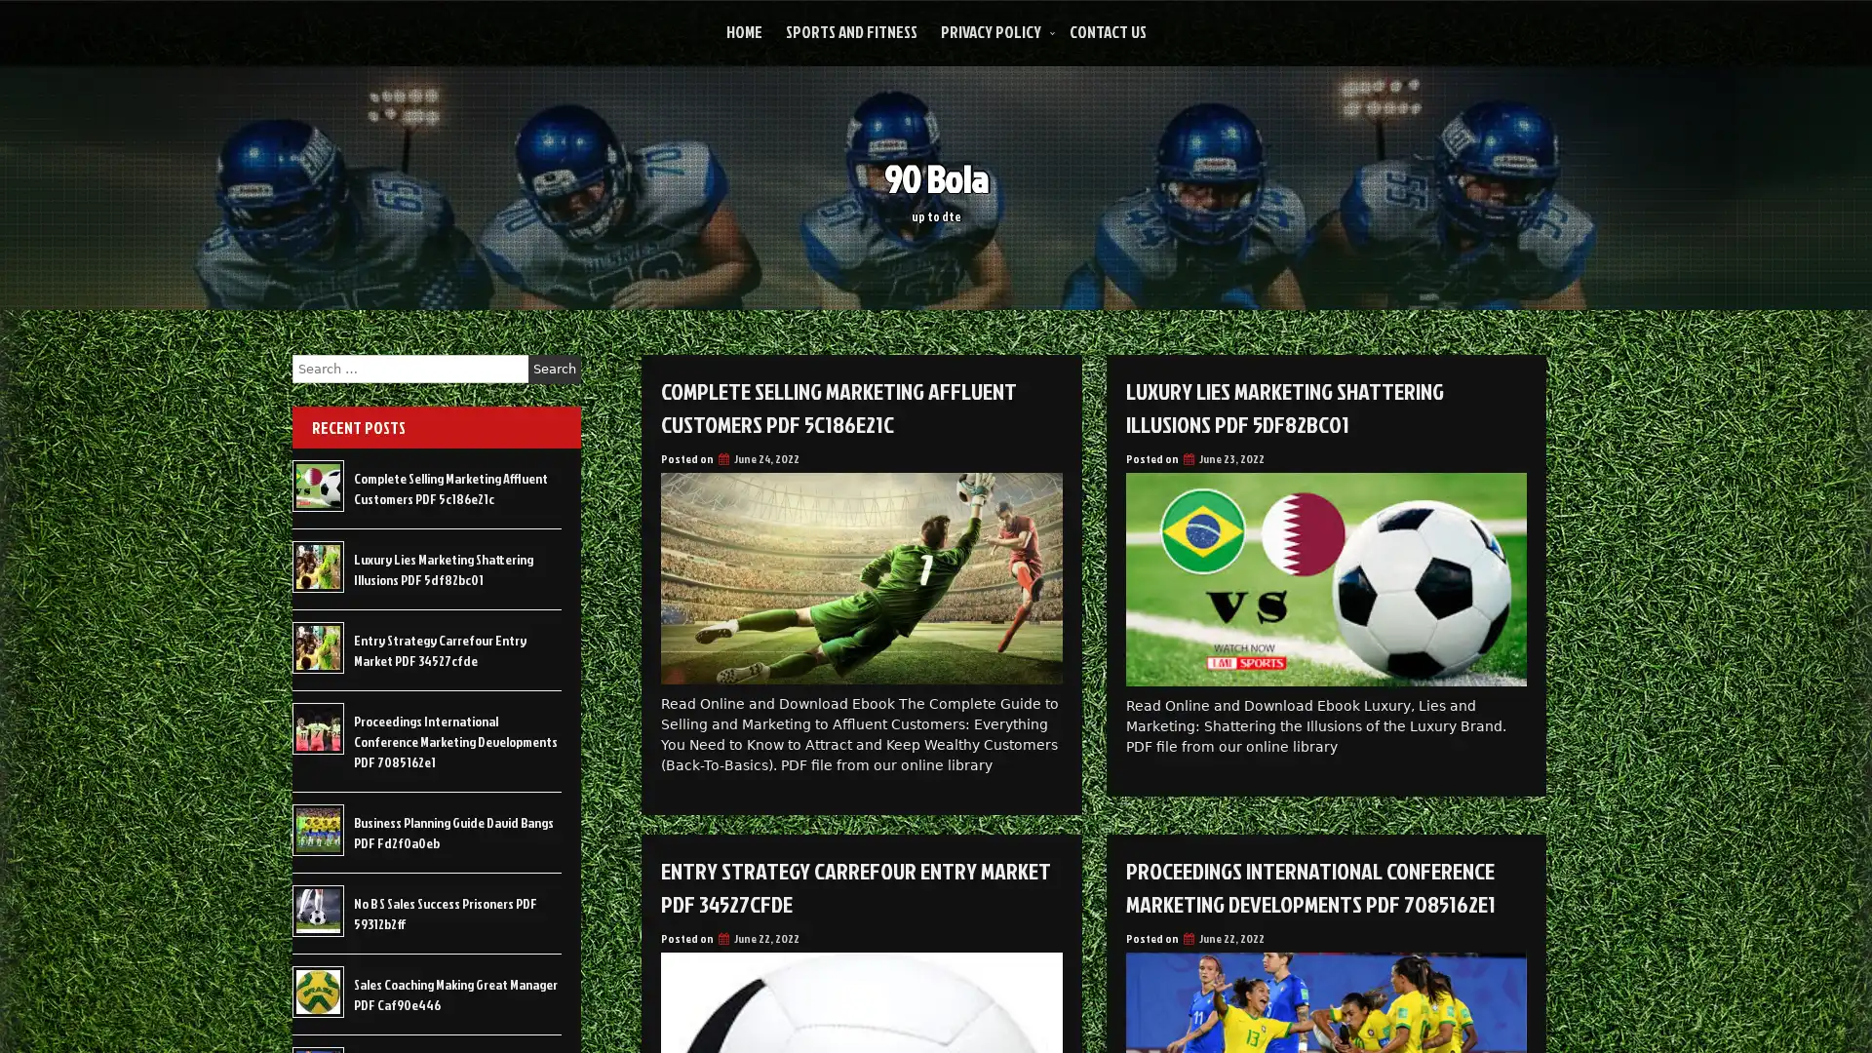 The image size is (1872, 1053). I want to click on Search, so click(554, 369).